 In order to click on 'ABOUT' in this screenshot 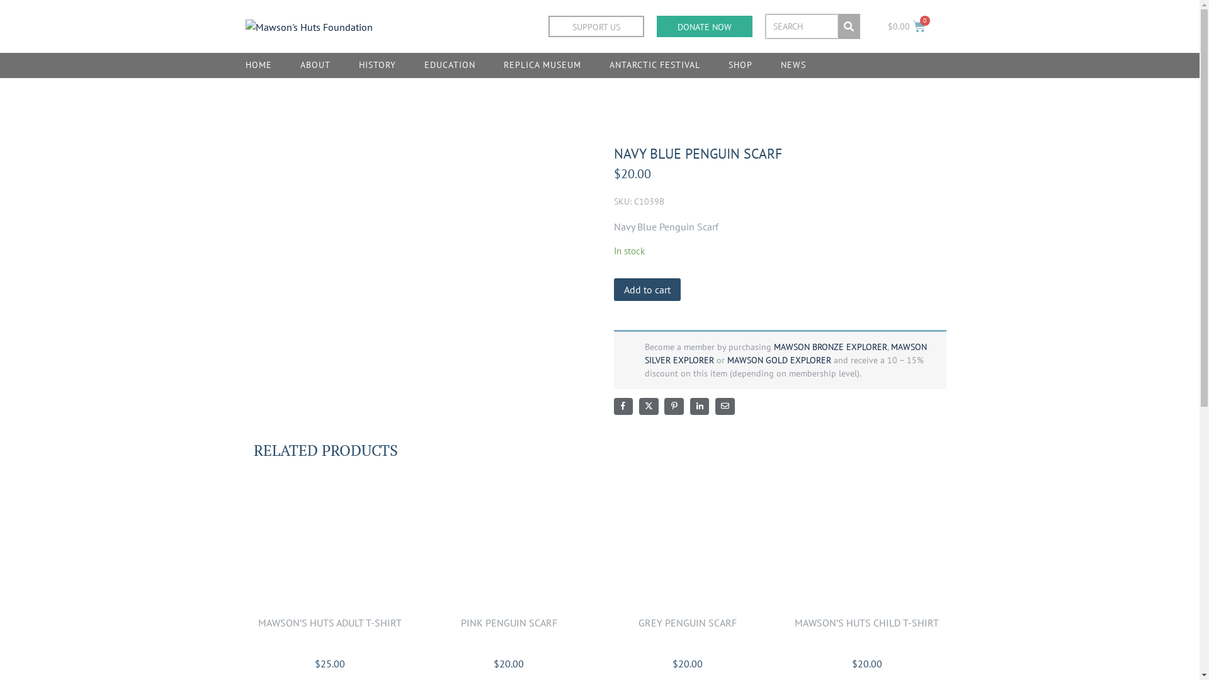, I will do `click(315, 65)`.